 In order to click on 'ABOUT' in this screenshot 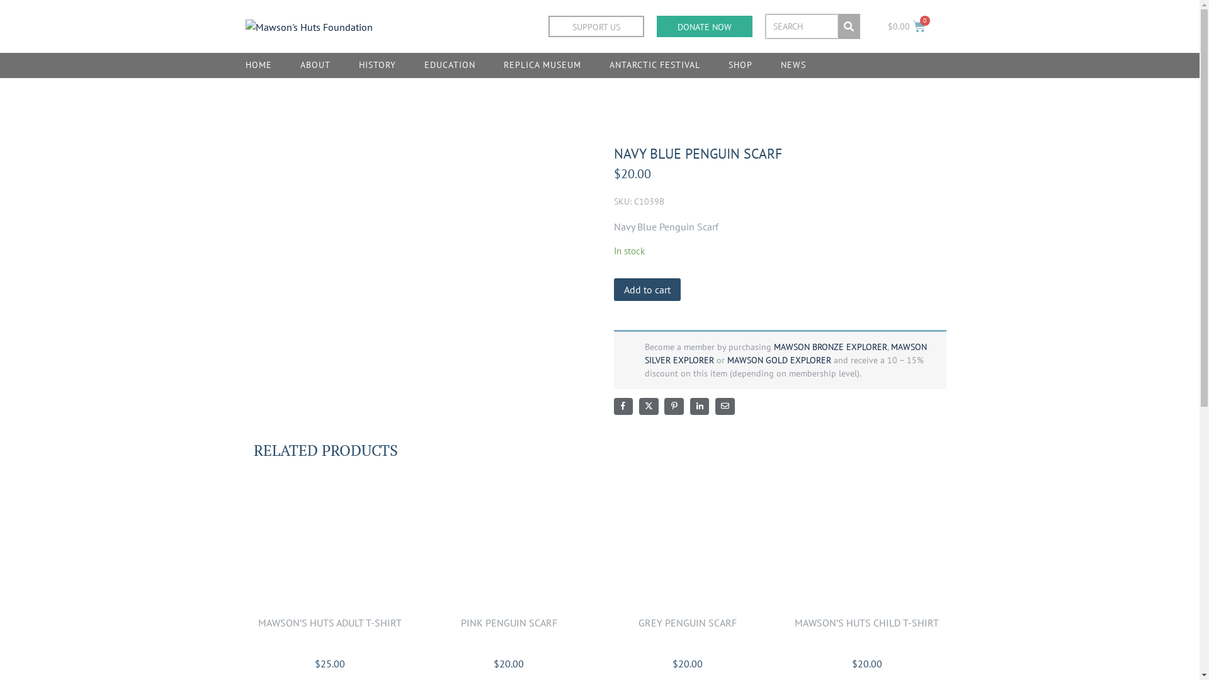, I will do `click(315, 65)`.